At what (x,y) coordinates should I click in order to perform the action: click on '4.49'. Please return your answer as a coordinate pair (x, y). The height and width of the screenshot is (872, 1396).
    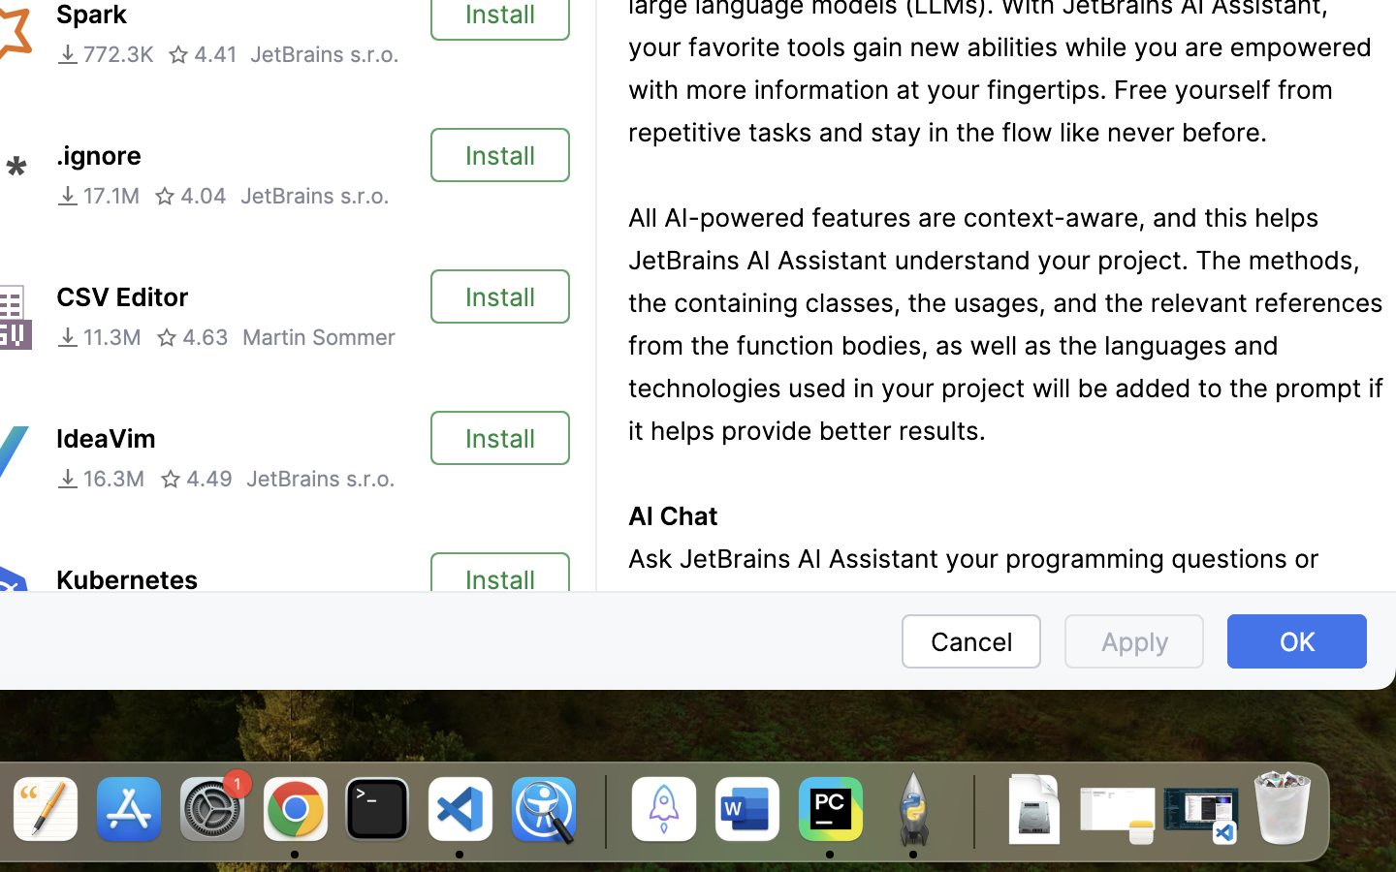
    Looking at the image, I should click on (196, 478).